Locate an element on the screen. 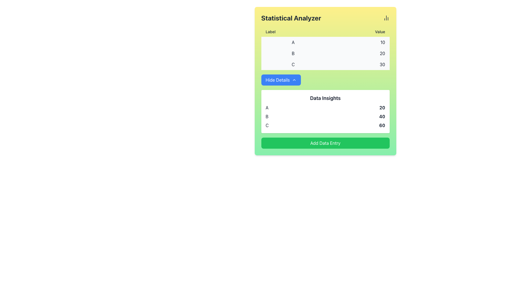 This screenshot has width=531, height=299. the text label 'C' located below the 'Data Insights' section, aligned with the numeric value '60' is located at coordinates (267, 125).